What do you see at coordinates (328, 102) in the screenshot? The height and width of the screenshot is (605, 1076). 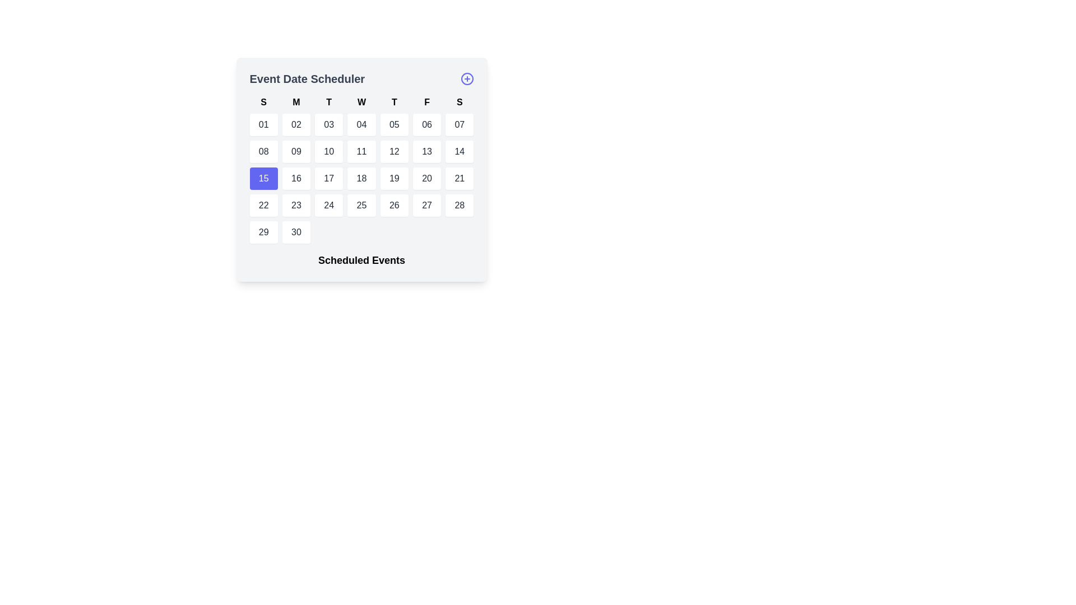 I see `the text label displaying the letter 'T' in bold, part of the header row for weekdays in a calendar grid` at bounding box center [328, 102].